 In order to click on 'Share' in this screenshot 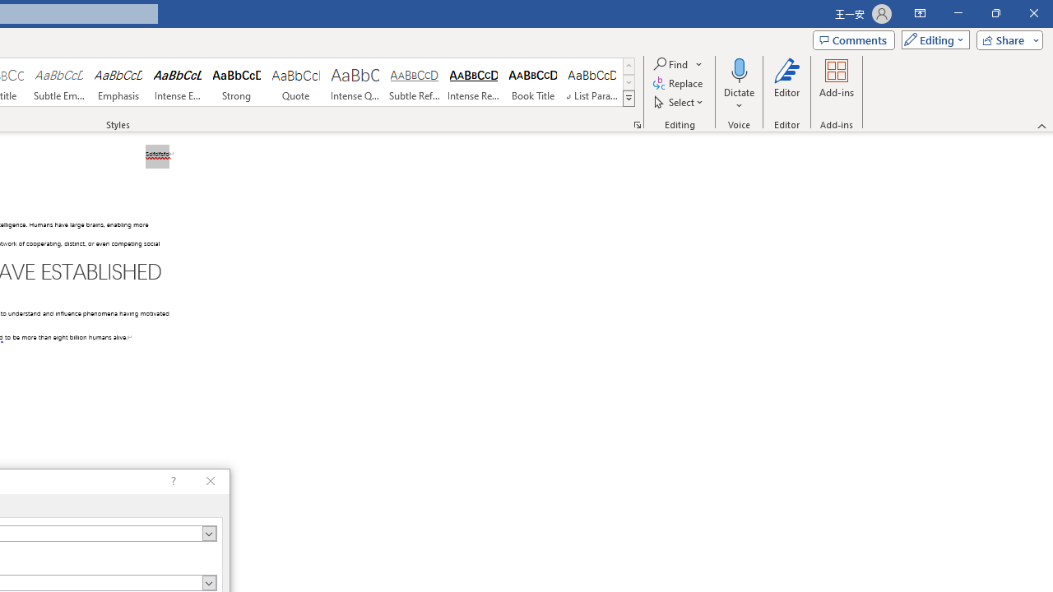, I will do `click(1005, 39)`.